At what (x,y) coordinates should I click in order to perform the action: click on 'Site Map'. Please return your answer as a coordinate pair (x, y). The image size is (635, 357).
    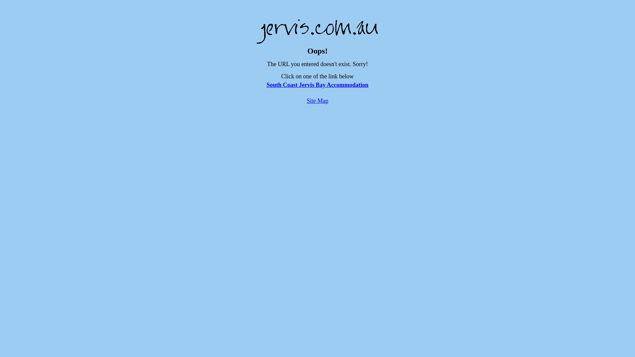
    Looking at the image, I should click on (317, 100).